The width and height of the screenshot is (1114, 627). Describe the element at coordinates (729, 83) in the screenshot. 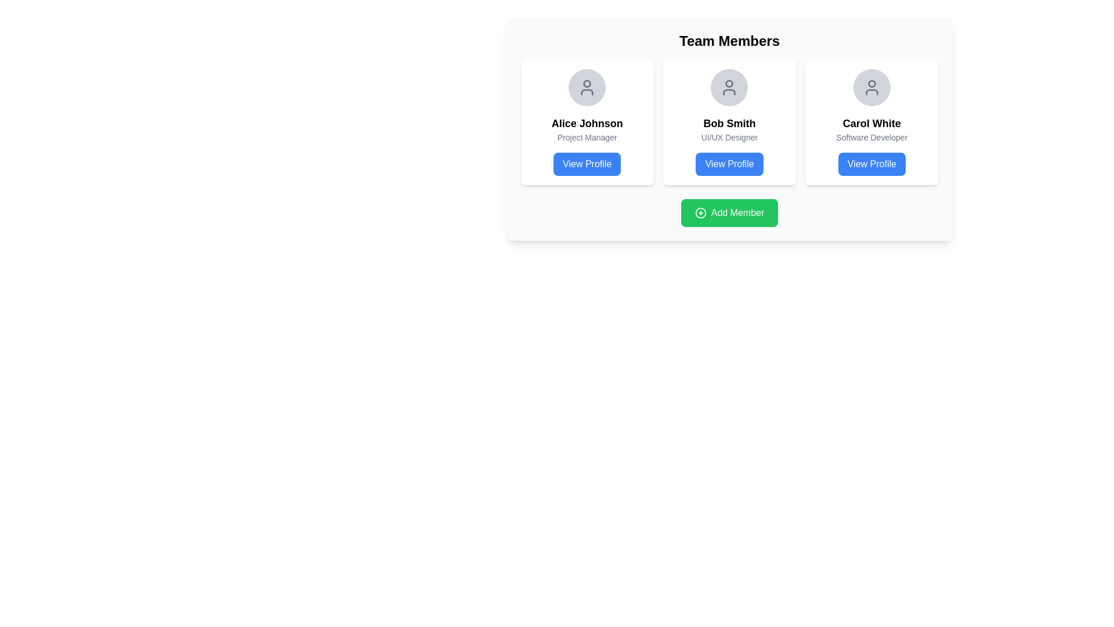

I see `the small circular SVG element indicating the active state or notification for user 'Bob Smith', which is centered within the larger profile image` at that location.